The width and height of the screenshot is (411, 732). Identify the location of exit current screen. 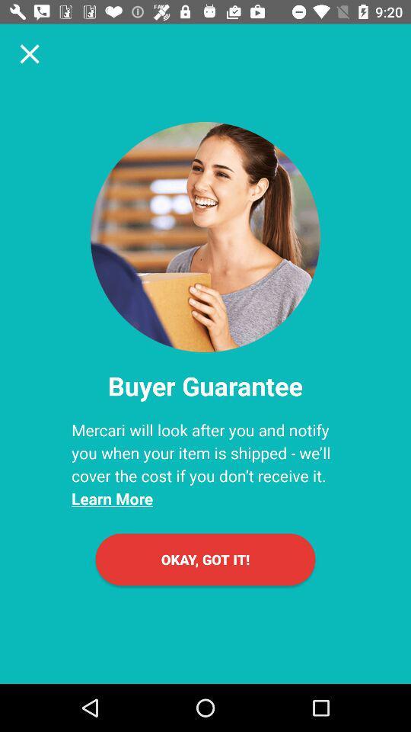
(30, 53).